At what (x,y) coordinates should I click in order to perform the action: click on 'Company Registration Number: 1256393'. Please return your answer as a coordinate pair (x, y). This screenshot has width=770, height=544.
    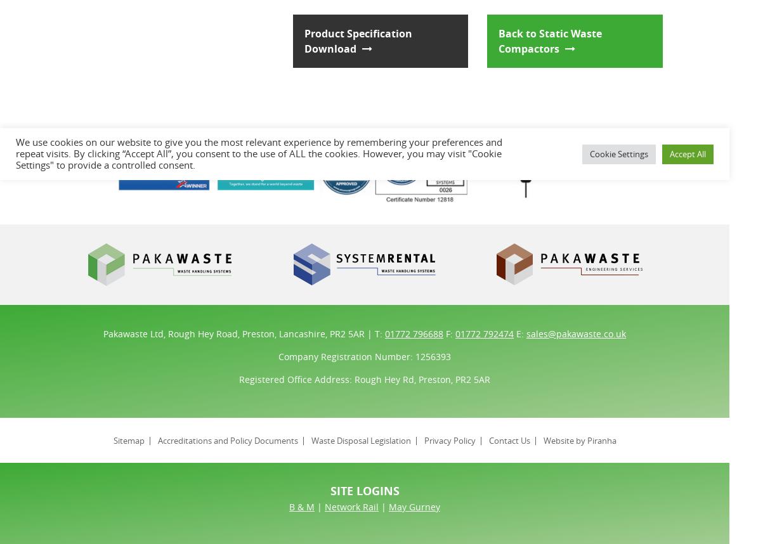
    Looking at the image, I should click on (364, 355).